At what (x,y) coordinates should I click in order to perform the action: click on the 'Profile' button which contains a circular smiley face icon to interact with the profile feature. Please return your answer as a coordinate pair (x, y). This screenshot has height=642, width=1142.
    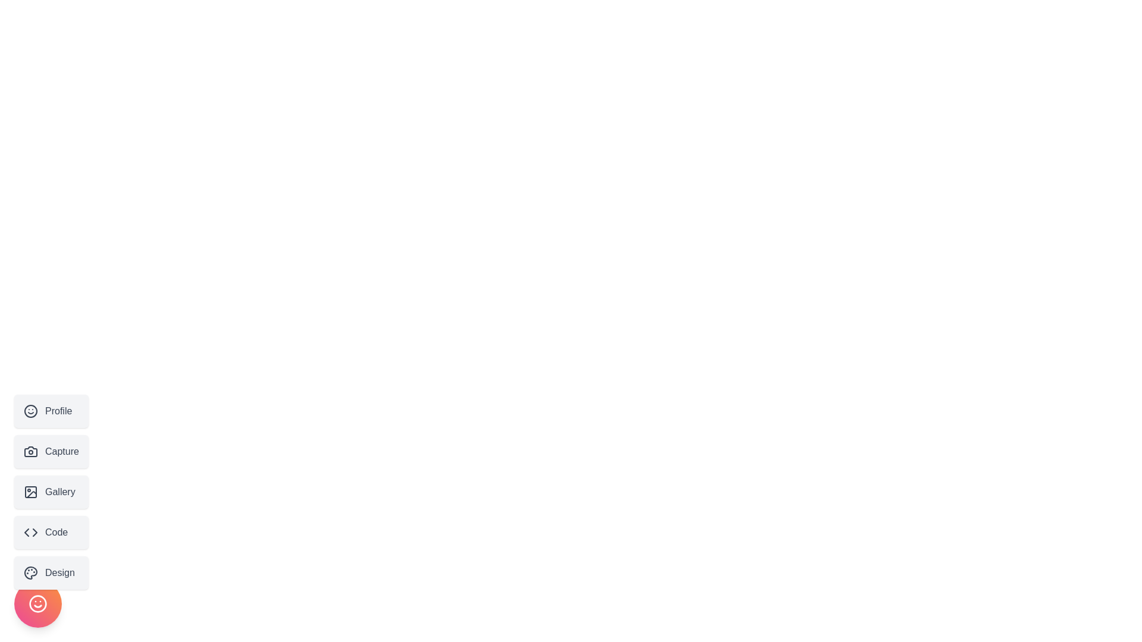
    Looking at the image, I should click on (31, 410).